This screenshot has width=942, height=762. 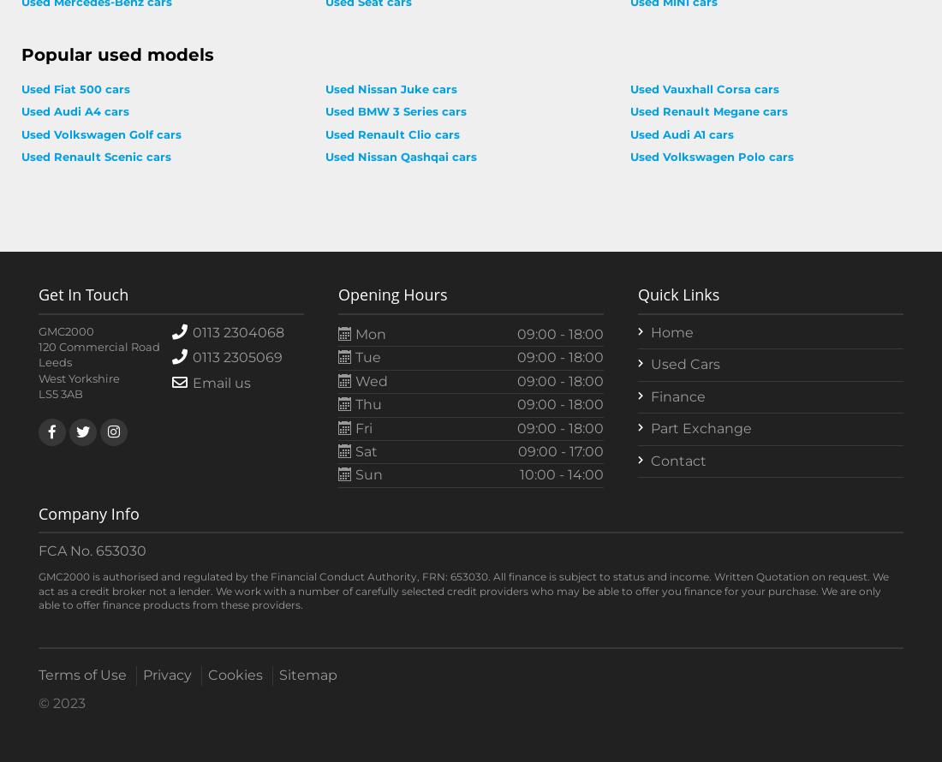 I want to click on 'Mon', so click(x=367, y=333).